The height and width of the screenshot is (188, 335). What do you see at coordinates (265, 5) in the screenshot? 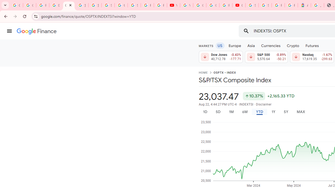
I see `'Sign in - Google Accounts'` at bounding box center [265, 5].